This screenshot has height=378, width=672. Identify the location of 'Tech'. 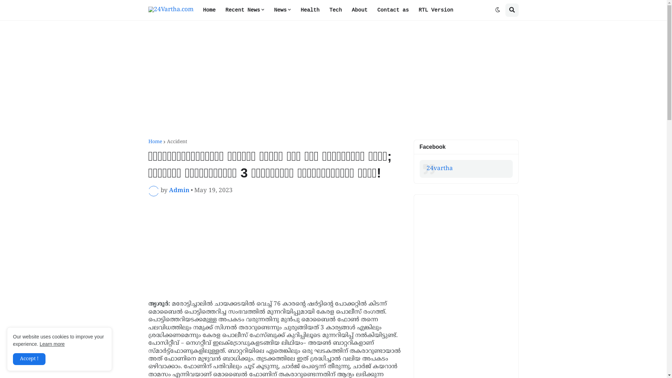
(335, 10).